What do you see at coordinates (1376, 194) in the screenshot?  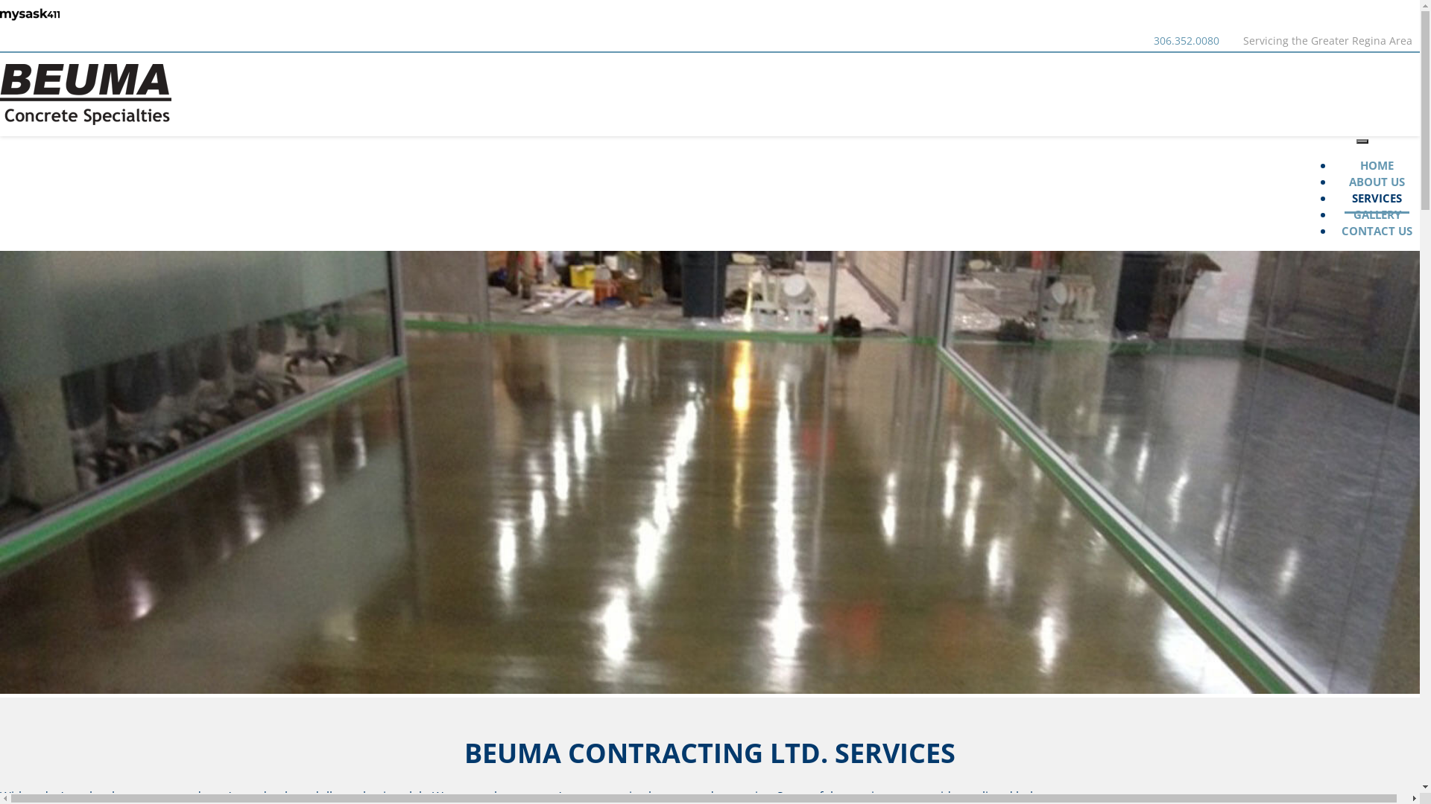 I see `'SERVICES'` at bounding box center [1376, 194].